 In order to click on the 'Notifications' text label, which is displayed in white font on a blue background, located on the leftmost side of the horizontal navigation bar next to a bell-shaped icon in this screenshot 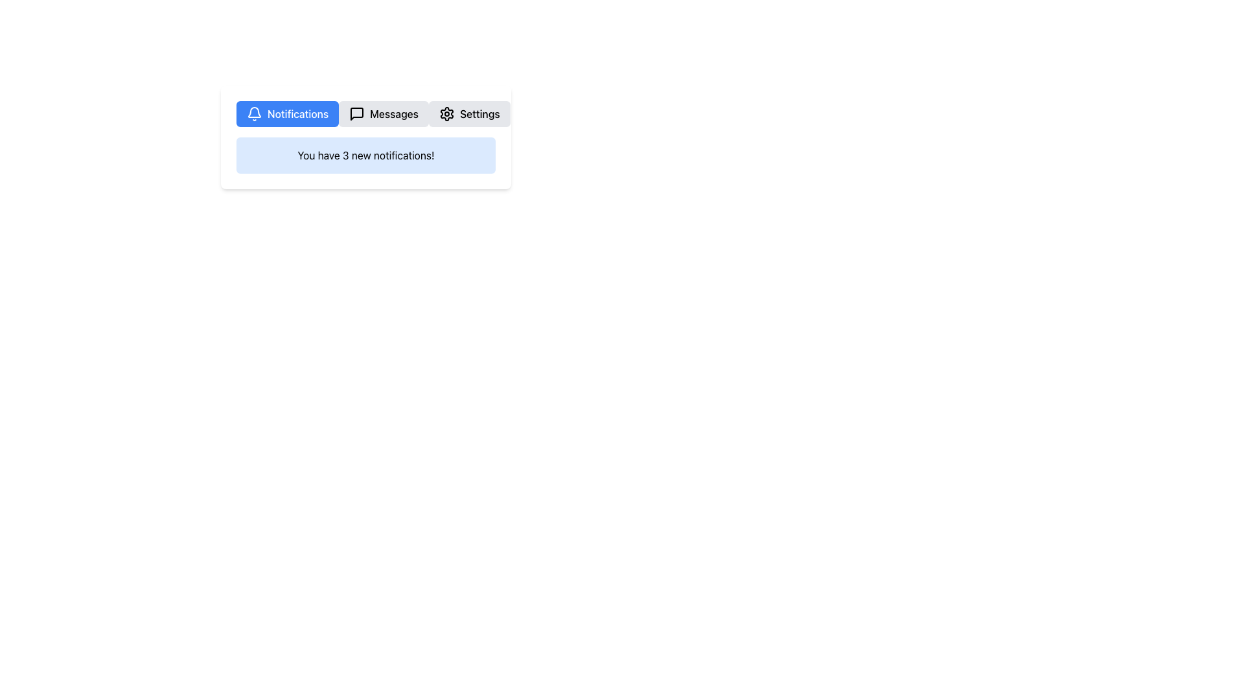, I will do `click(297, 113)`.